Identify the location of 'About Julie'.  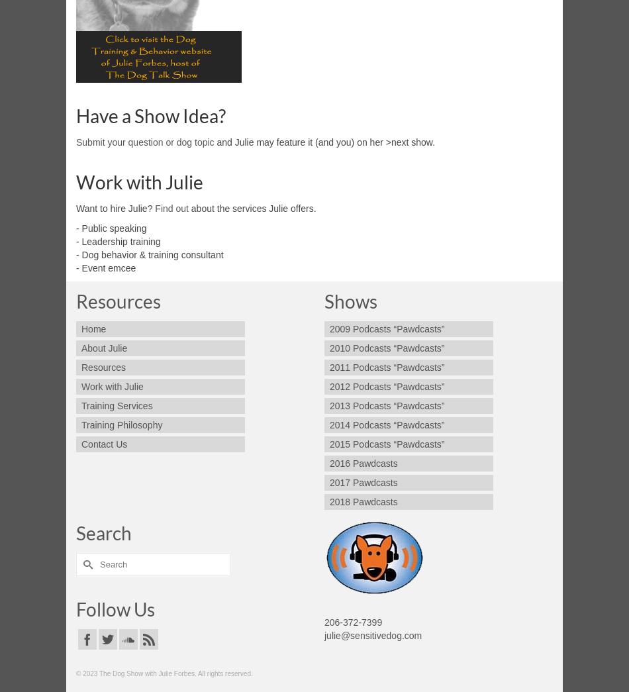
(104, 348).